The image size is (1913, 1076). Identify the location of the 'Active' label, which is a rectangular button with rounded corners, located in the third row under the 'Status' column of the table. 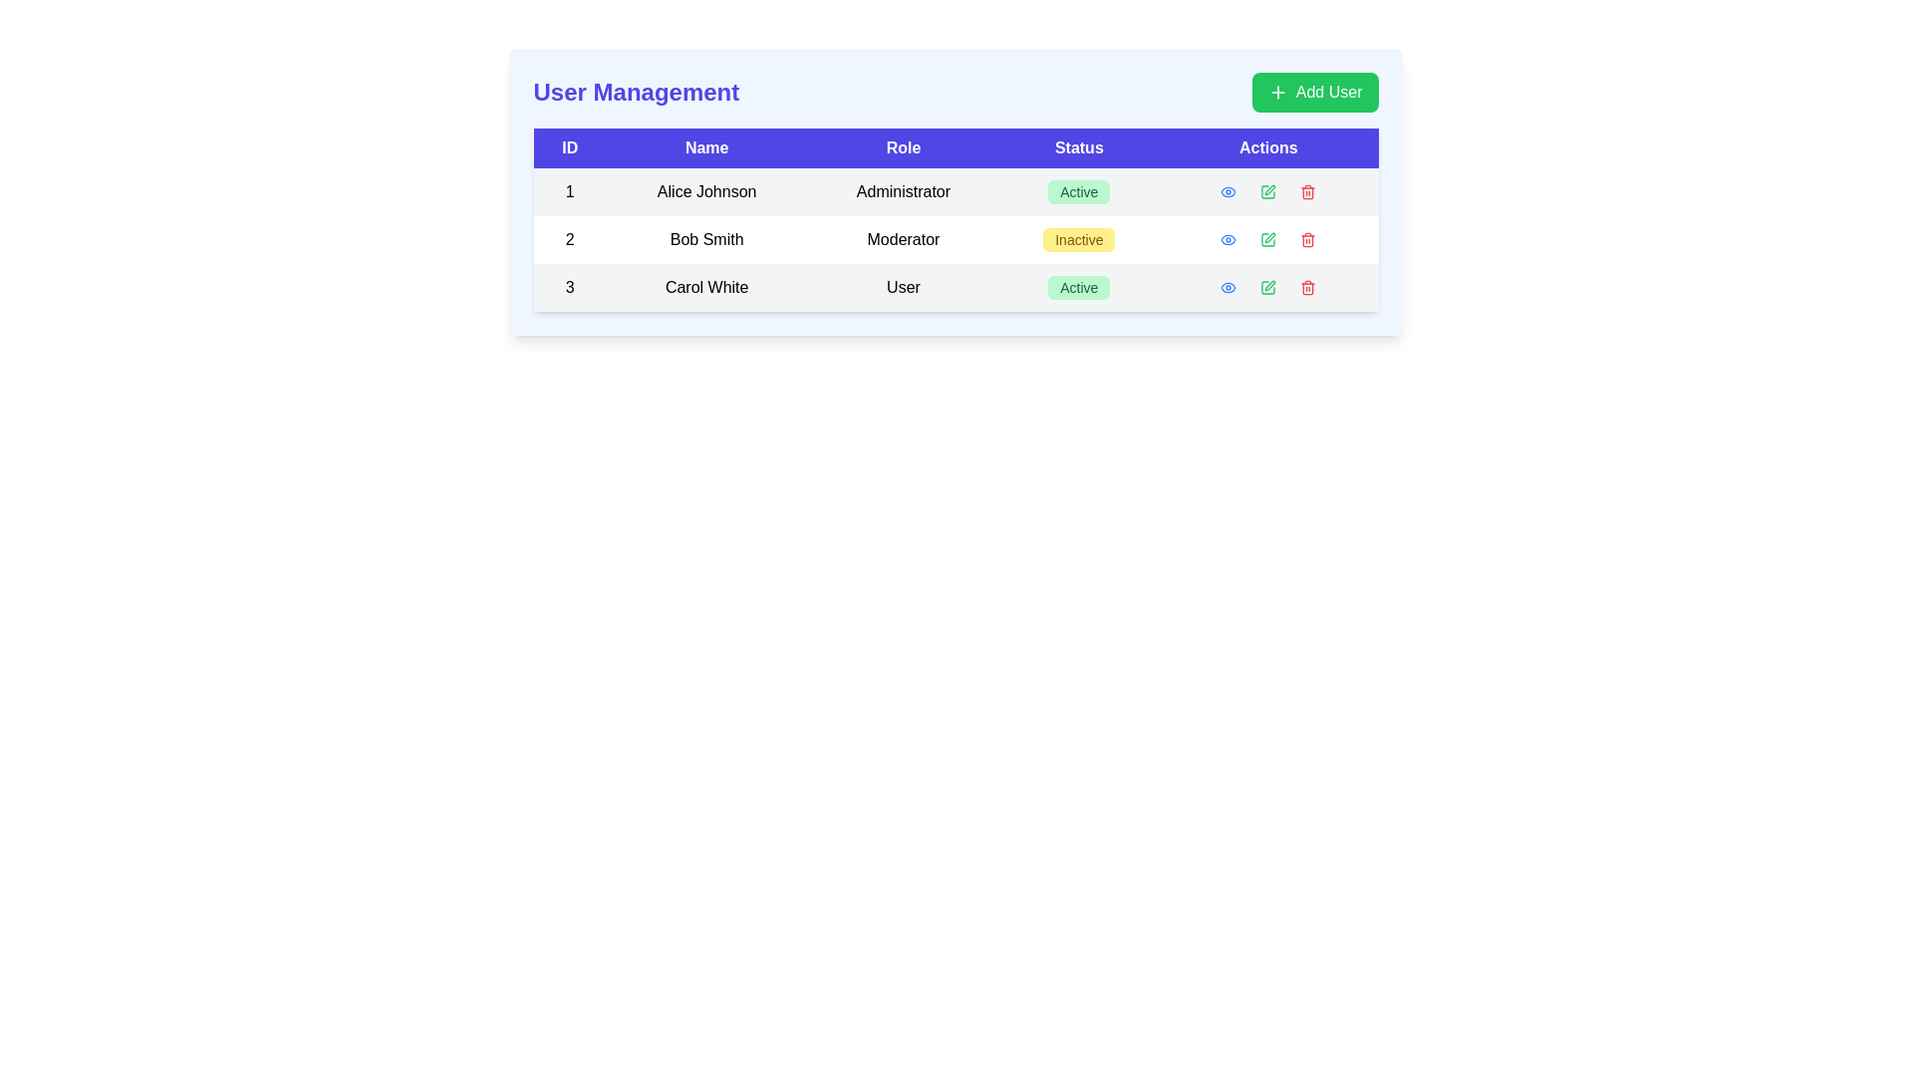
(1078, 288).